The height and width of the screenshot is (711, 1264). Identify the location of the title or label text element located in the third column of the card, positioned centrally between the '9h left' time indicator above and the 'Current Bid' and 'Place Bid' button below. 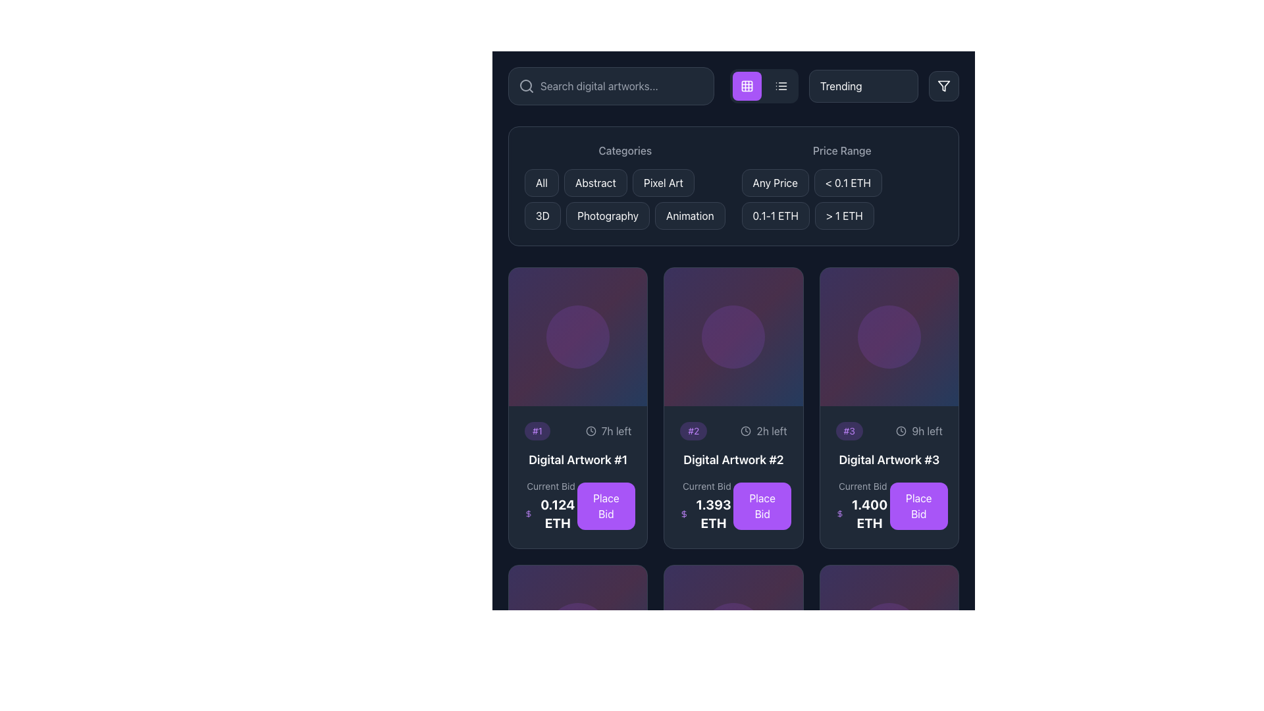
(889, 460).